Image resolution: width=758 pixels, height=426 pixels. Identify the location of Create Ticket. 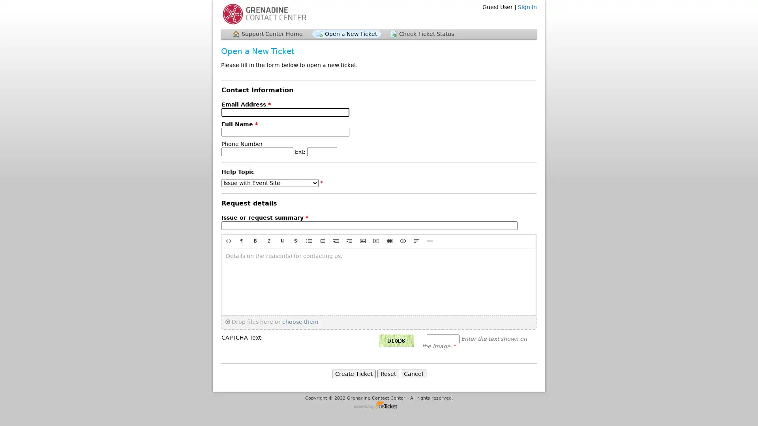
(353, 373).